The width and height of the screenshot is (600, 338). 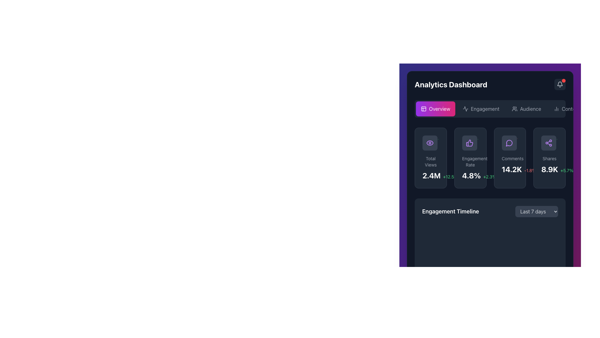 I want to click on the thumbs-up icon with a purple outline located in the upper section of the dashboard, between the 'Comments' and 'Shares' areas, so click(x=469, y=143).